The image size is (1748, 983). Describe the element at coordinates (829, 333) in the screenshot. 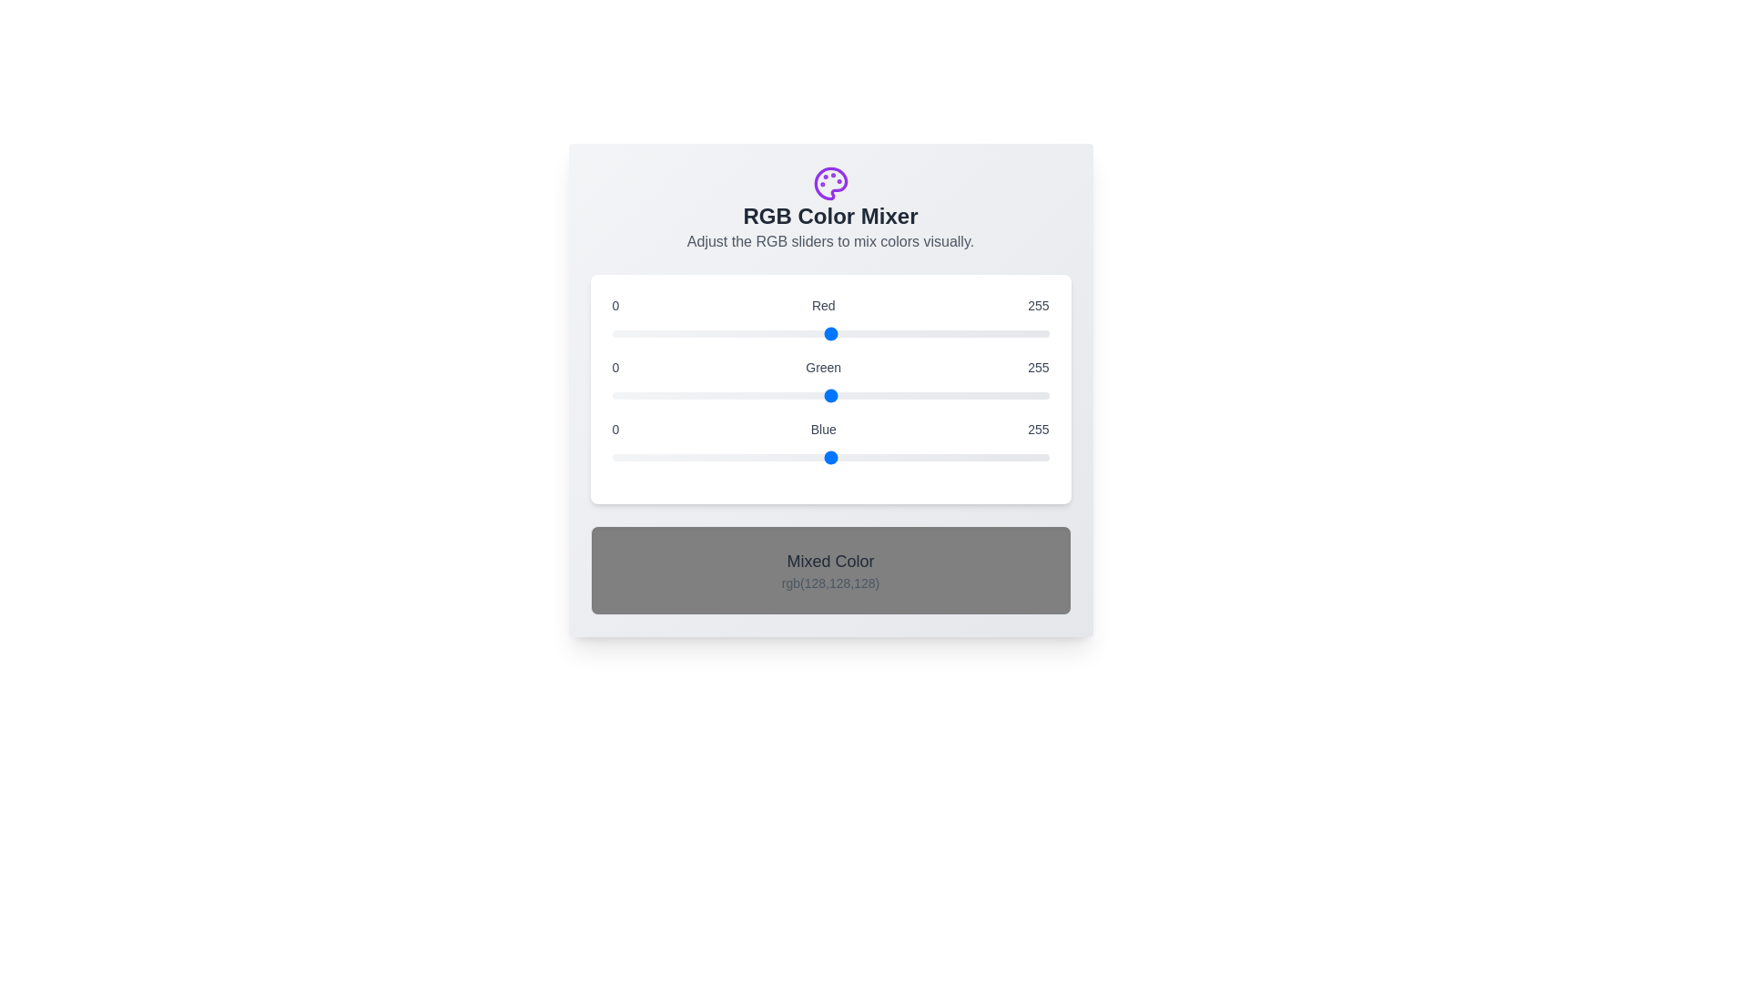

I see `the 0 slider to the value 146 to observe the resulting mixed color` at that location.